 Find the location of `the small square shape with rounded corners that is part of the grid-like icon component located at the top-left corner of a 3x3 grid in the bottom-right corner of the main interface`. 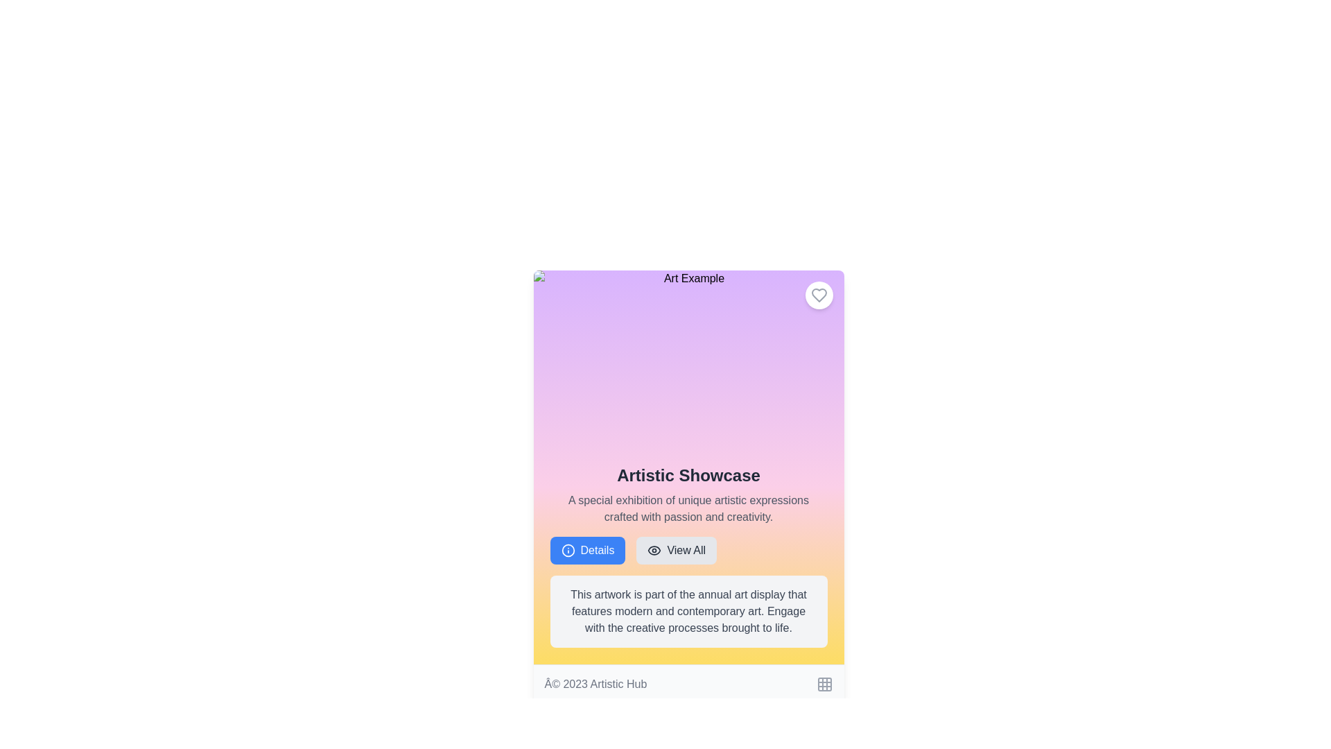

the small square shape with rounded corners that is part of the grid-like icon component located at the top-left corner of a 3x3 grid in the bottom-right corner of the main interface is located at coordinates (824, 684).